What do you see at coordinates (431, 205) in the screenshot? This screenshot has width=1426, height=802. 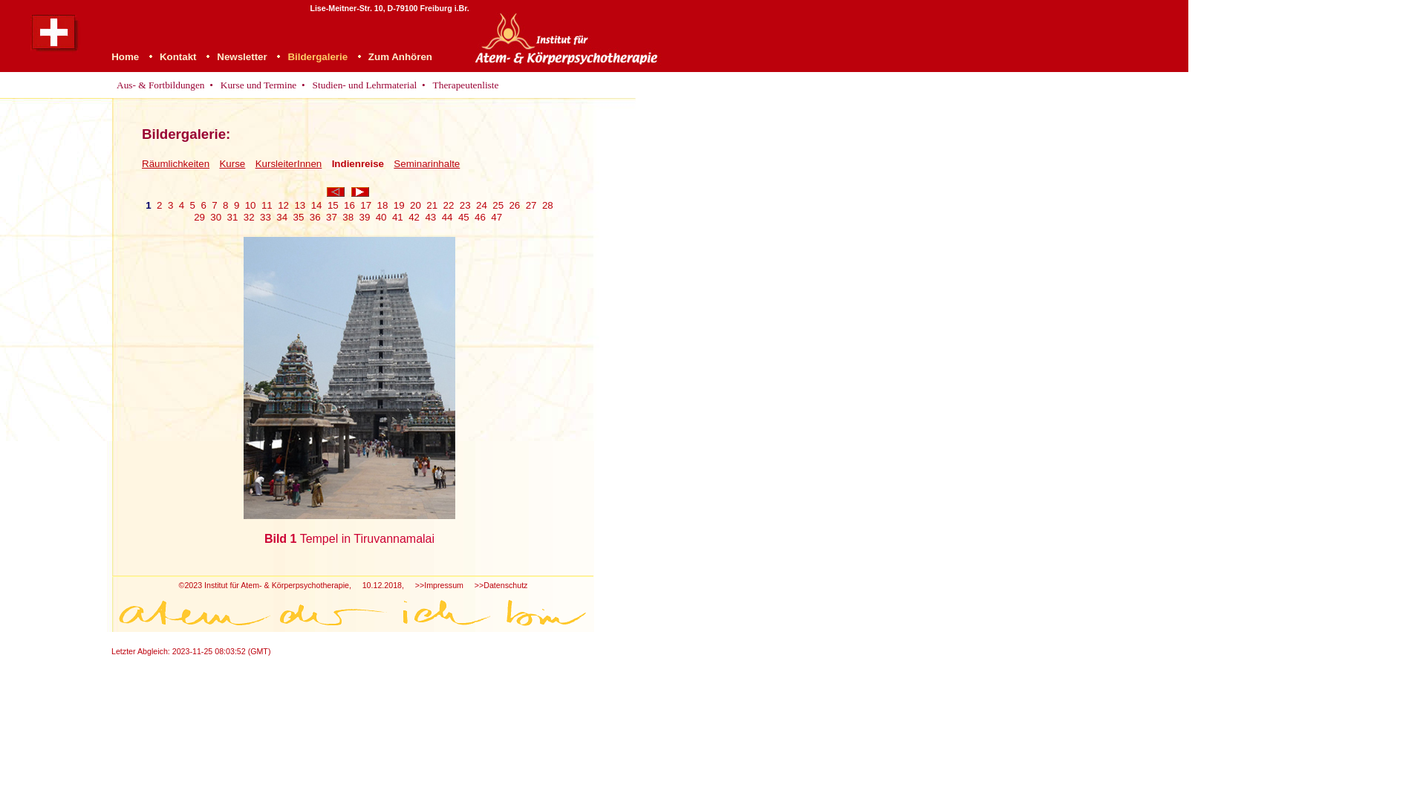 I see `'21'` at bounding box center [431, 205].